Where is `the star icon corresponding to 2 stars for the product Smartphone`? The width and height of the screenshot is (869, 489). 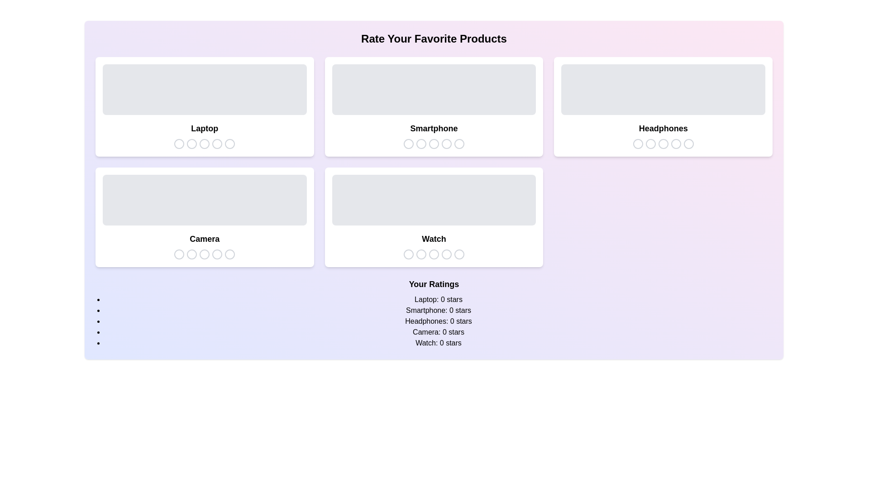 the star icon corresponding to 2 stars for the product Smartphone is located at coordinates (420, 143).